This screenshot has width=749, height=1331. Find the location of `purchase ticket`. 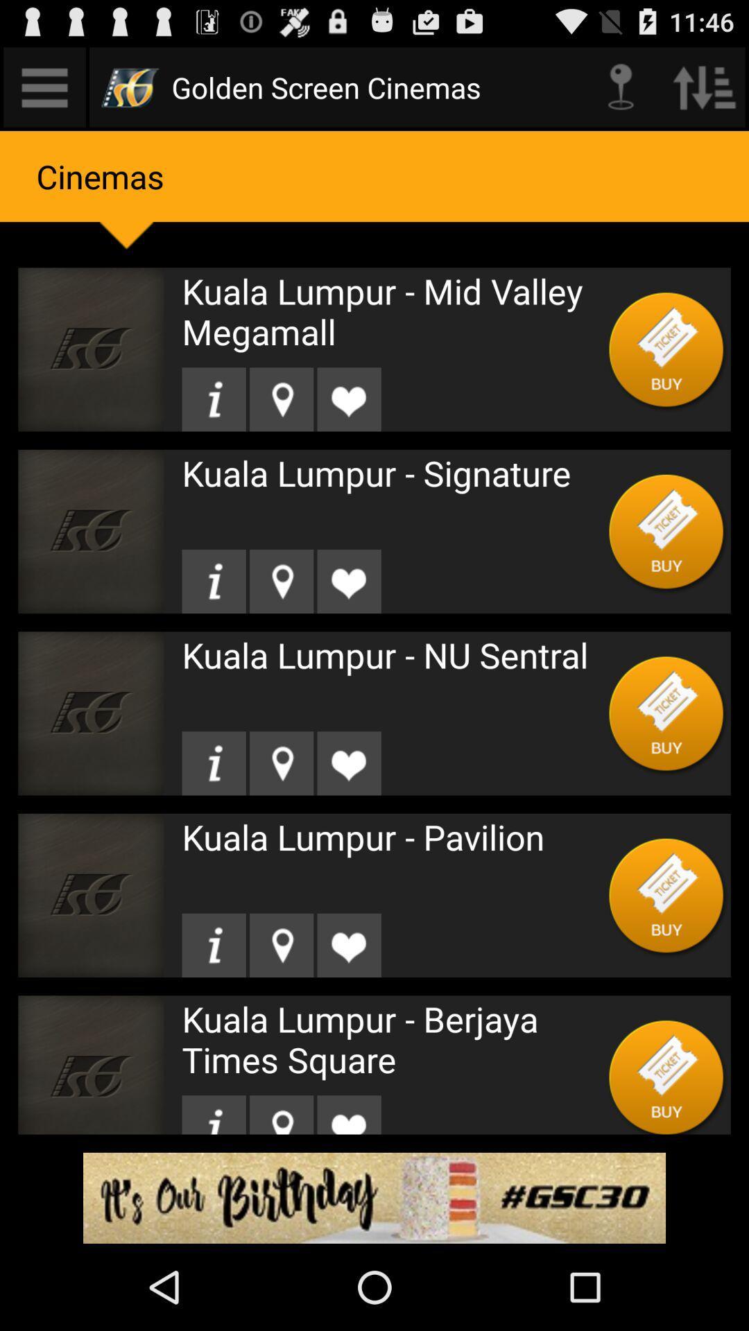

purchase ticket is located at coordinates (666, 895).